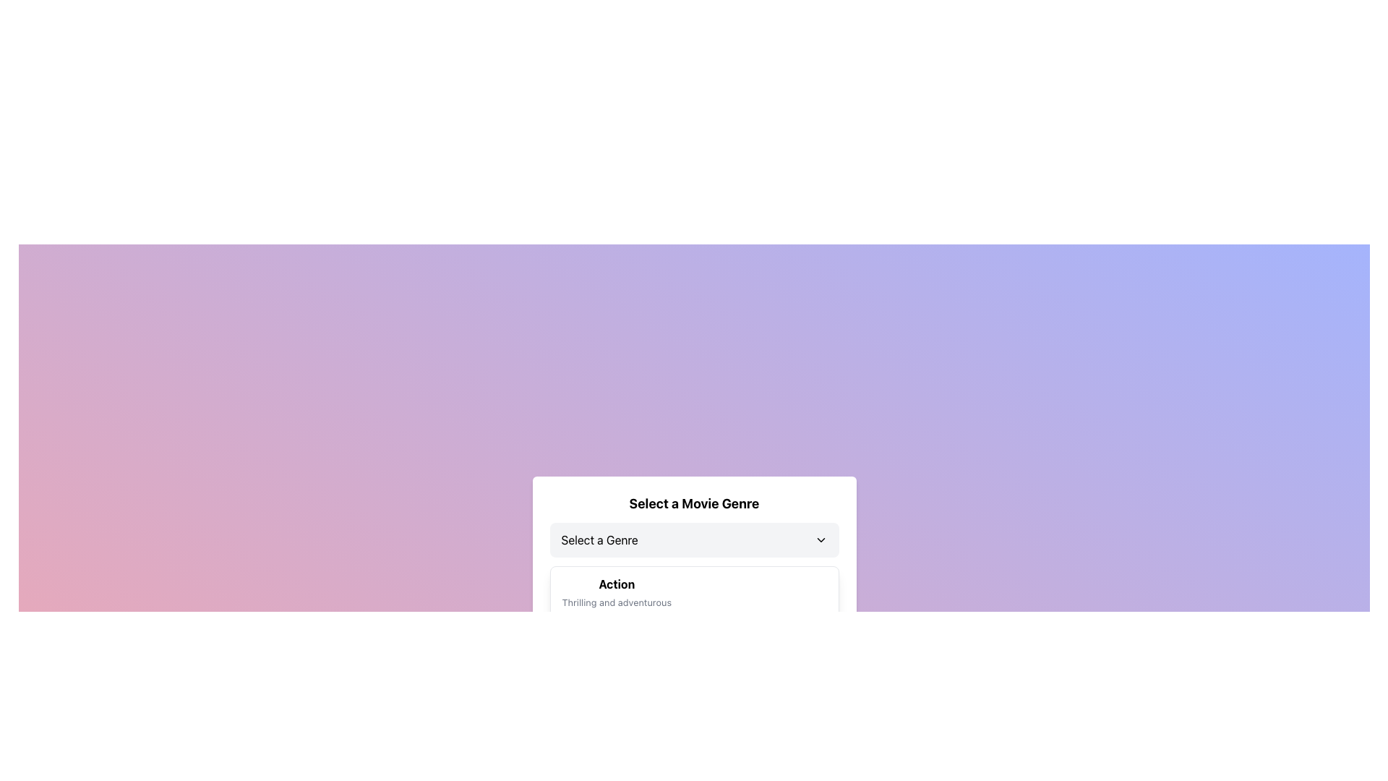 The width and height of the screenshot is (1388, 781). I want to click on the Dropdown icon located to the right of the 'Select a Genre.' label, so click(821, 540).